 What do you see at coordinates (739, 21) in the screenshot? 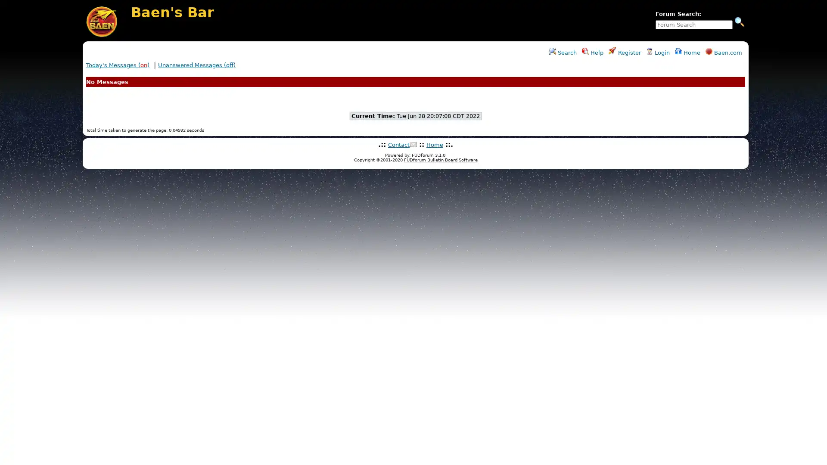
I see `Search` at bounding box center [739, 21].